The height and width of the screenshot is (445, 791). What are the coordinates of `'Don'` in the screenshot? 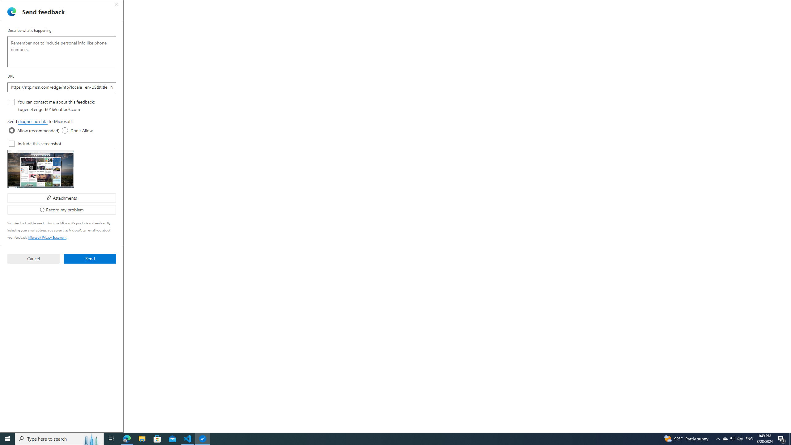 It's located at (64, 130).